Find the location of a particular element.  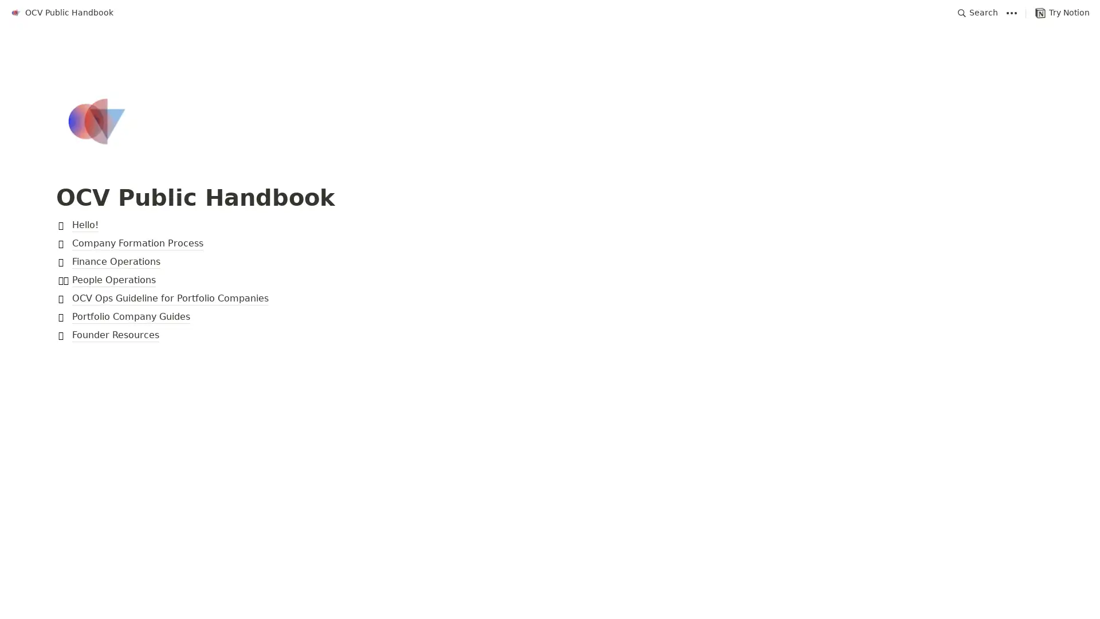

Search is located at coordinates (977, 13).